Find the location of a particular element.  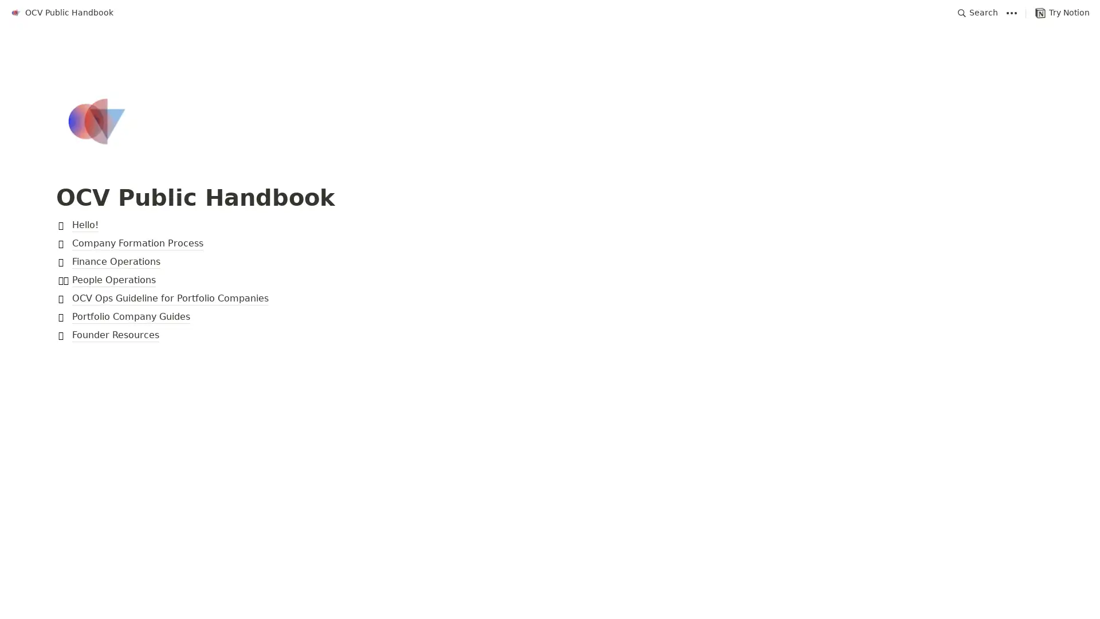

Search is located at coordinates (977, 13).